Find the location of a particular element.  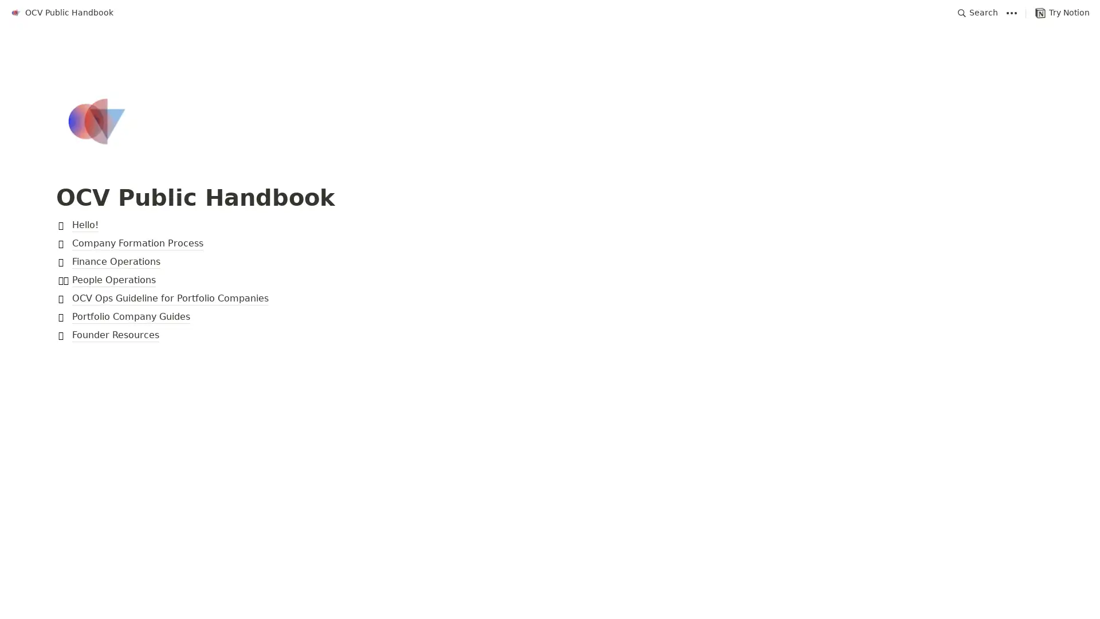

Search is located at coordinates (977, 13).